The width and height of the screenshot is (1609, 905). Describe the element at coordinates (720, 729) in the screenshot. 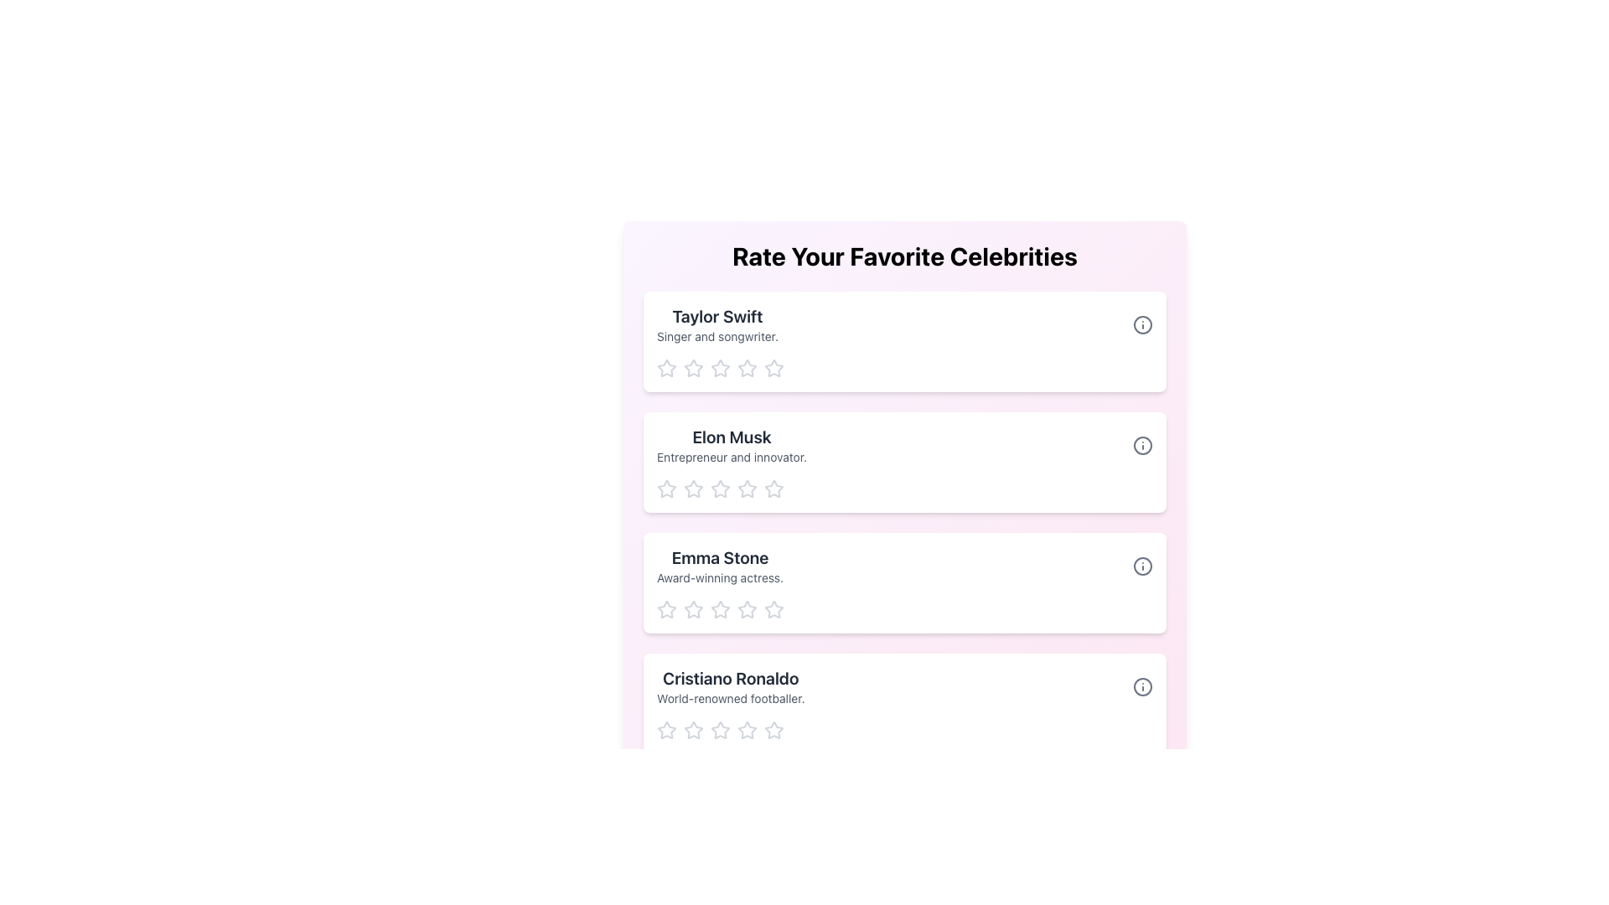

I see `the second star in the rating system for 'Cristiano Ronaldo'` at that location.